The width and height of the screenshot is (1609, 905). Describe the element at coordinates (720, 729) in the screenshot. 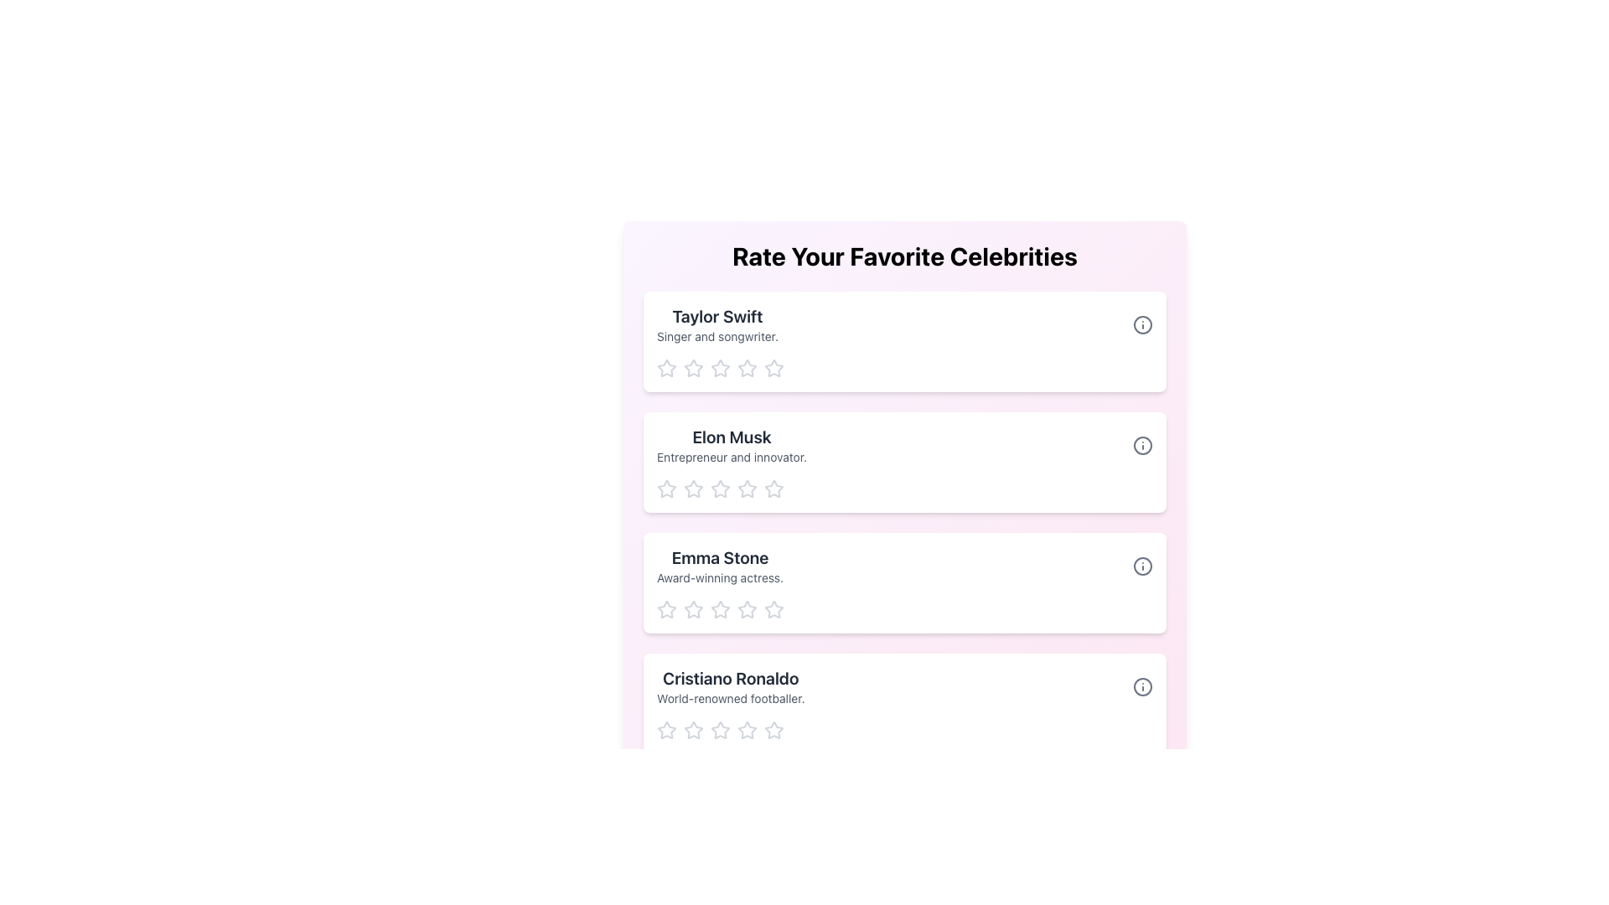

I see `the second star in the rating system for 'Cristiano Ronaldo'` at that location.